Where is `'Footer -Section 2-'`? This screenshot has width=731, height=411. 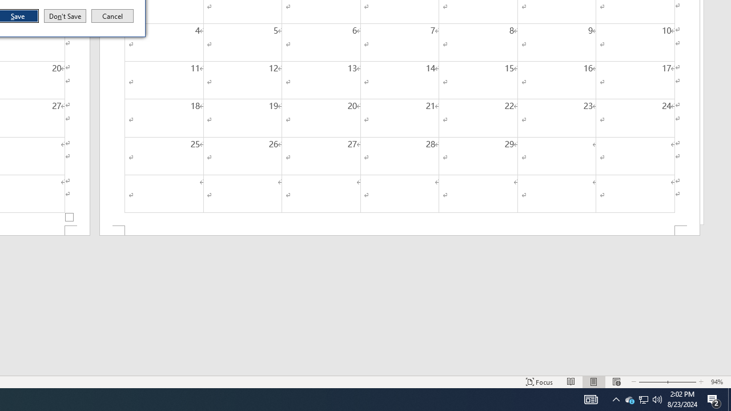
'Footer -Section 2-' is located at coordinates (400, 231).